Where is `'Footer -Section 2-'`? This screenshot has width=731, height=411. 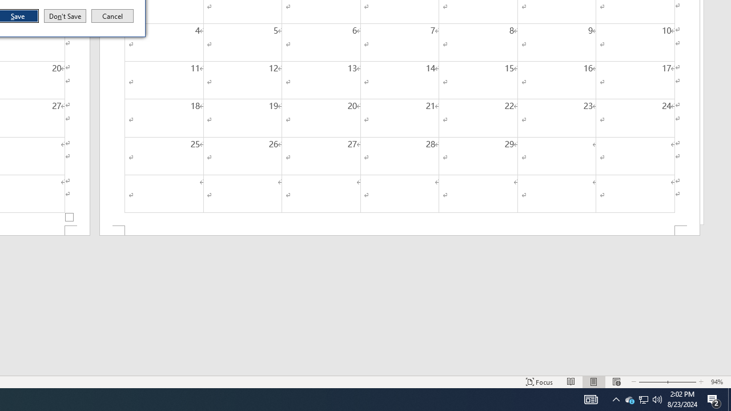
'Footer -Section 2-' is located at coordinates (400, 231).